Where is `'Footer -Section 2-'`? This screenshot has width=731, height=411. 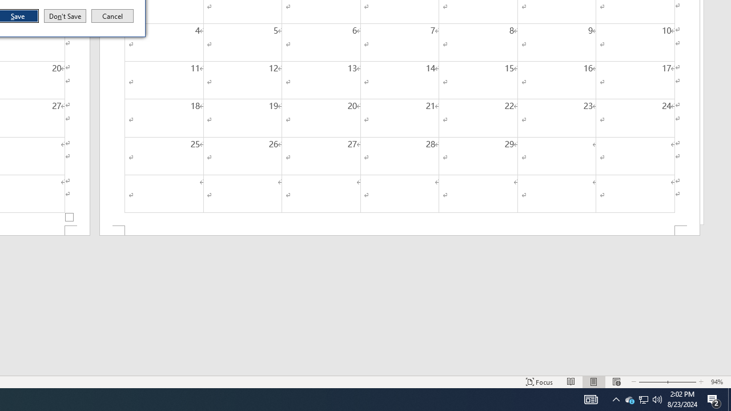
'Footer -Section 2-' is located at coordinates (400, 231).